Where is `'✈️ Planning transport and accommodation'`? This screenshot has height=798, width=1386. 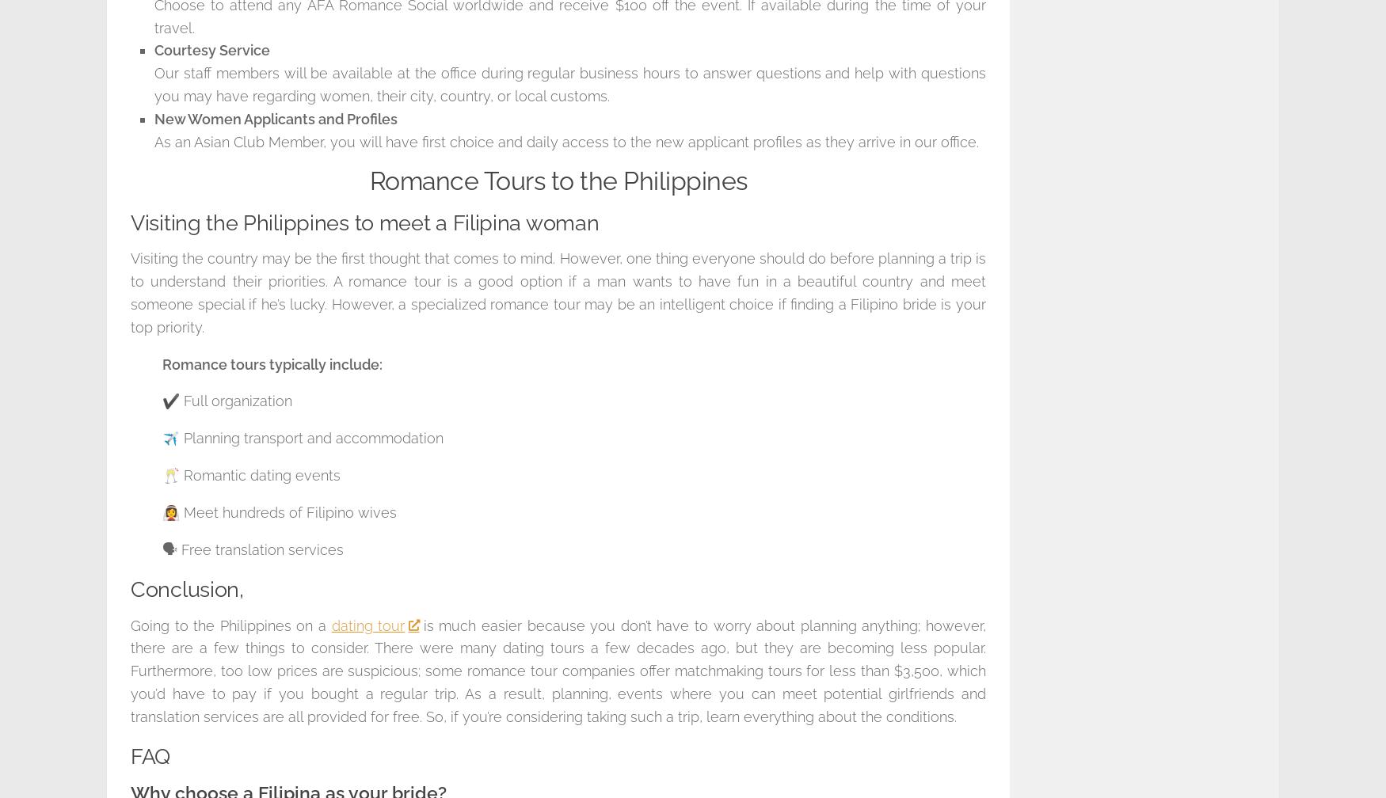
'✈️ Planning transport and accommodation' is located at coordinates (302, 438).